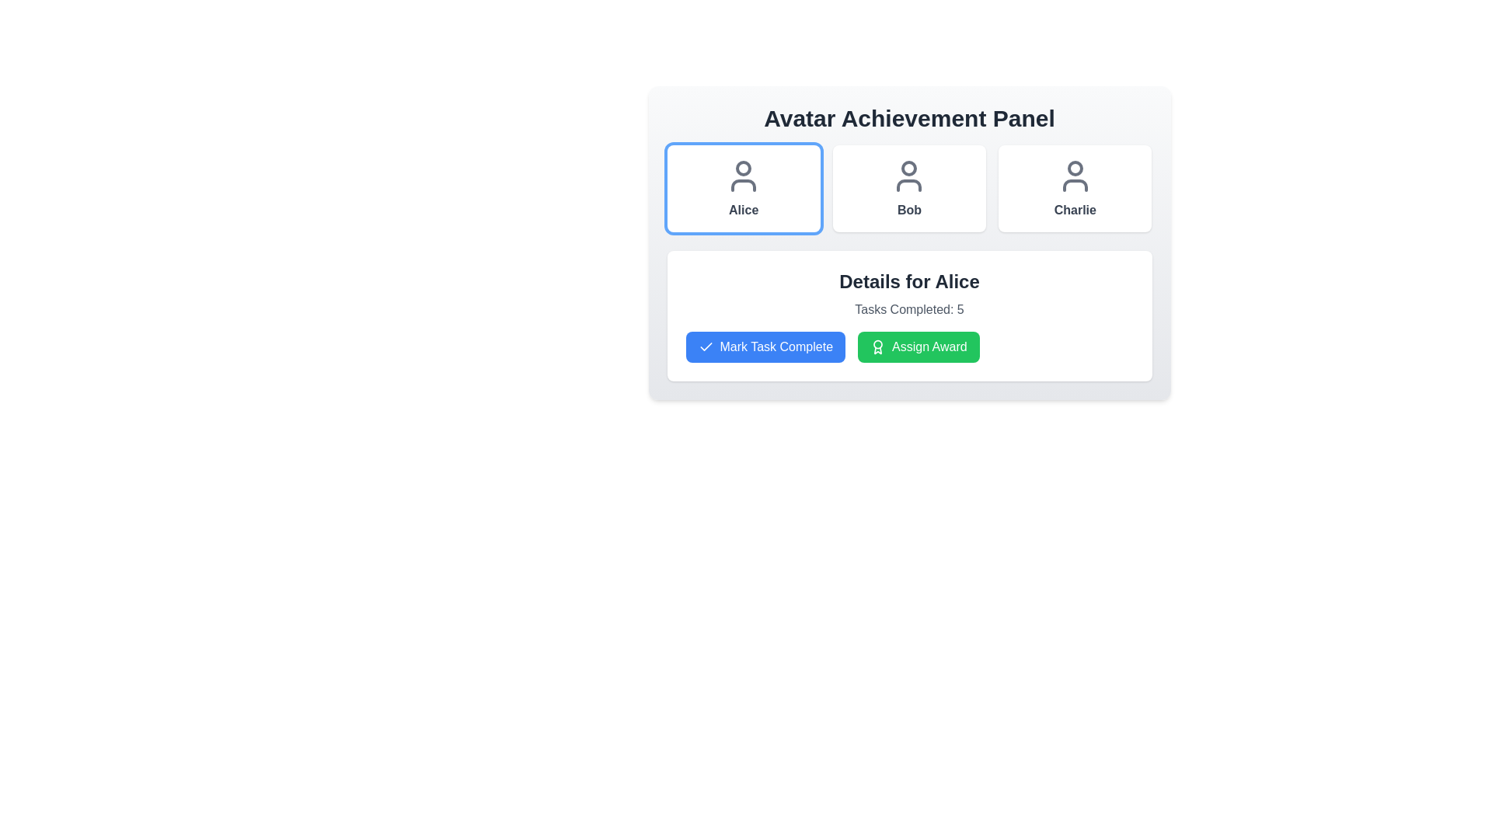  Describe the element at coordinates (909, 309) in the screenshot. I see `the text label indicating the number of tasks completed, which is located within the 'Details for Alice' panel, positioned below the title and above the buttons for task completion and award assignment` at that location.